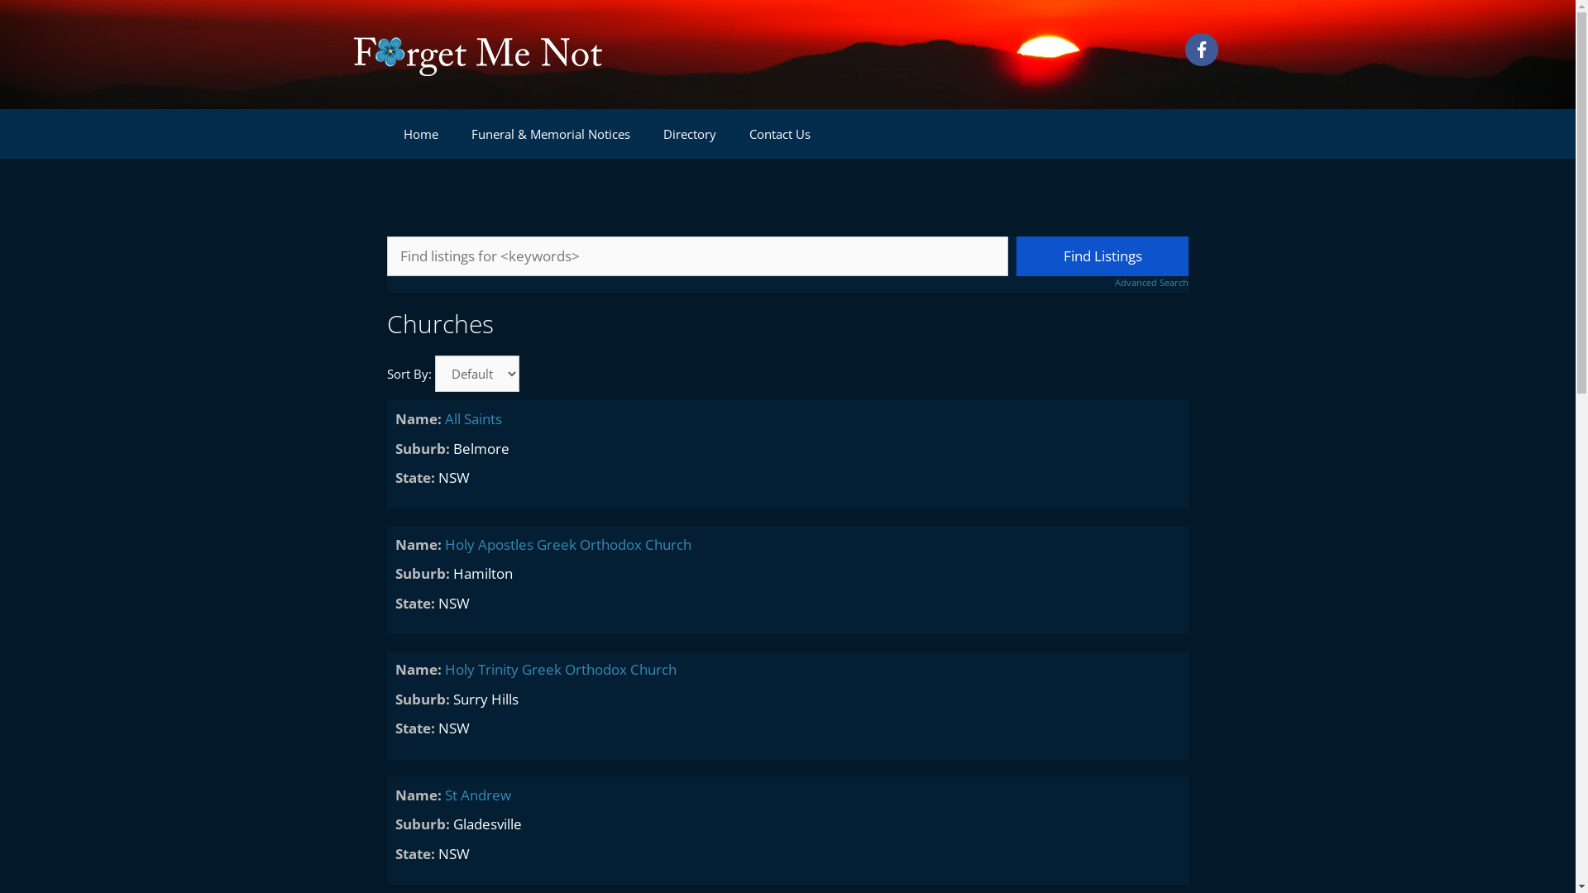  Describe the element at coordinates (698, 255) in the screenshot. I see `'Quick search keywords'` at that location.